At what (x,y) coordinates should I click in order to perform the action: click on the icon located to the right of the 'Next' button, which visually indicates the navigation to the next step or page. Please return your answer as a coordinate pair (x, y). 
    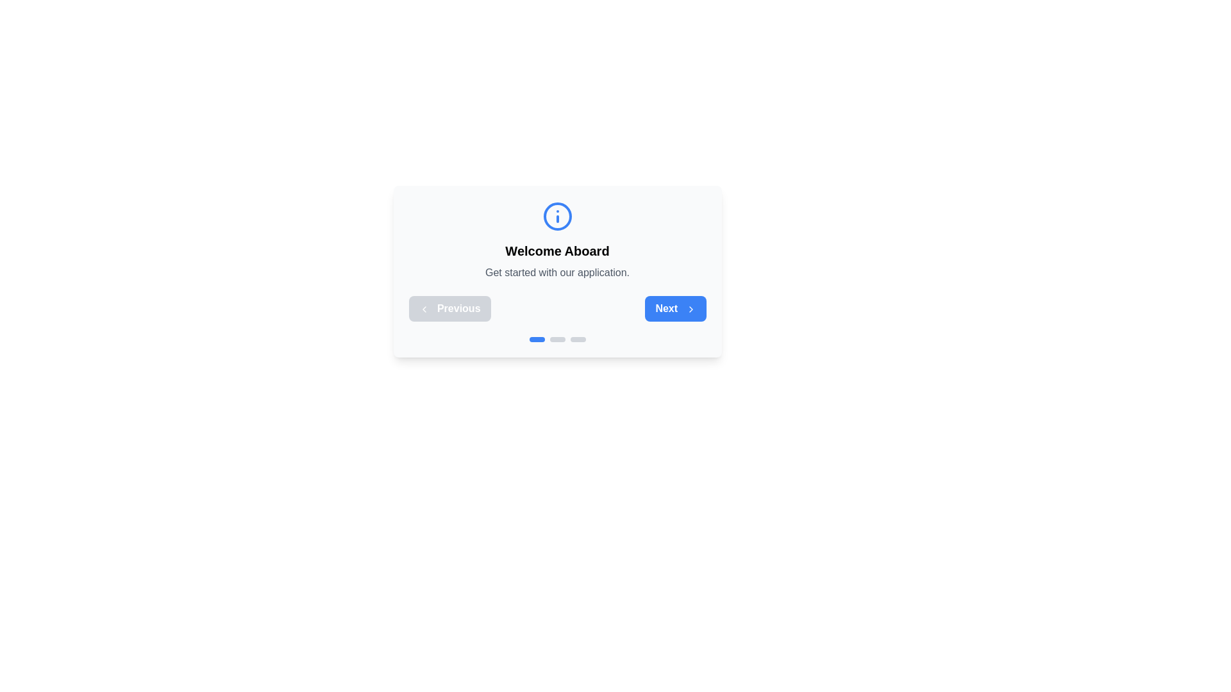
    Looking at the image, I should click on (690, 309).